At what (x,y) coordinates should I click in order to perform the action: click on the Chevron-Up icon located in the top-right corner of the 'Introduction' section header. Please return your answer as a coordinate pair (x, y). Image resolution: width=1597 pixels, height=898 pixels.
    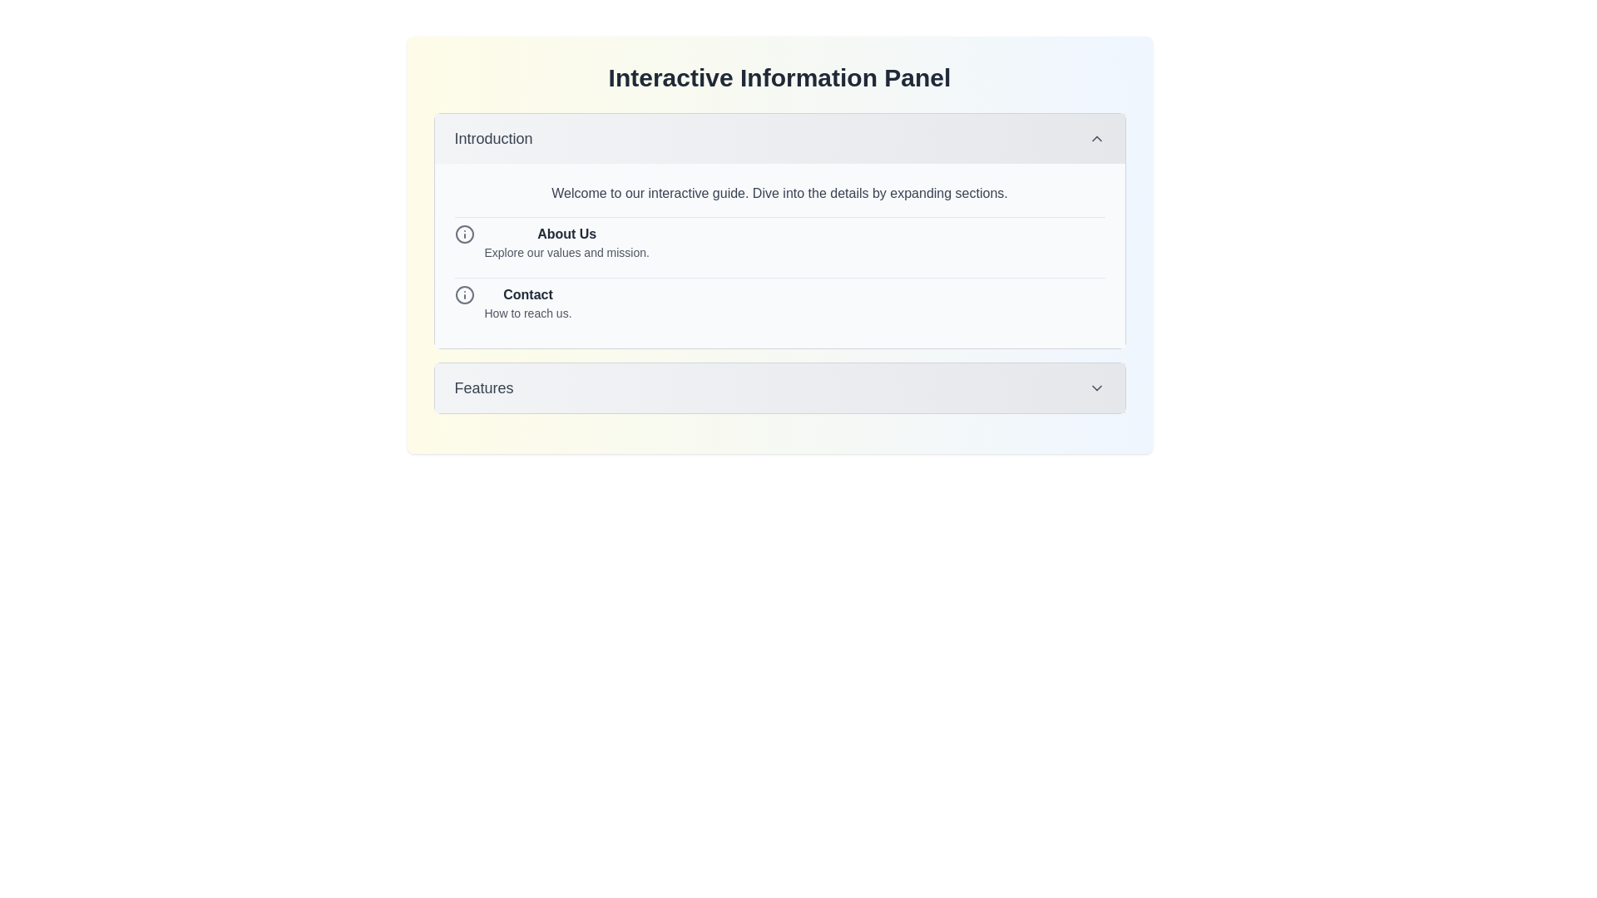
    Looking at the image, I should click on (1096, 137).